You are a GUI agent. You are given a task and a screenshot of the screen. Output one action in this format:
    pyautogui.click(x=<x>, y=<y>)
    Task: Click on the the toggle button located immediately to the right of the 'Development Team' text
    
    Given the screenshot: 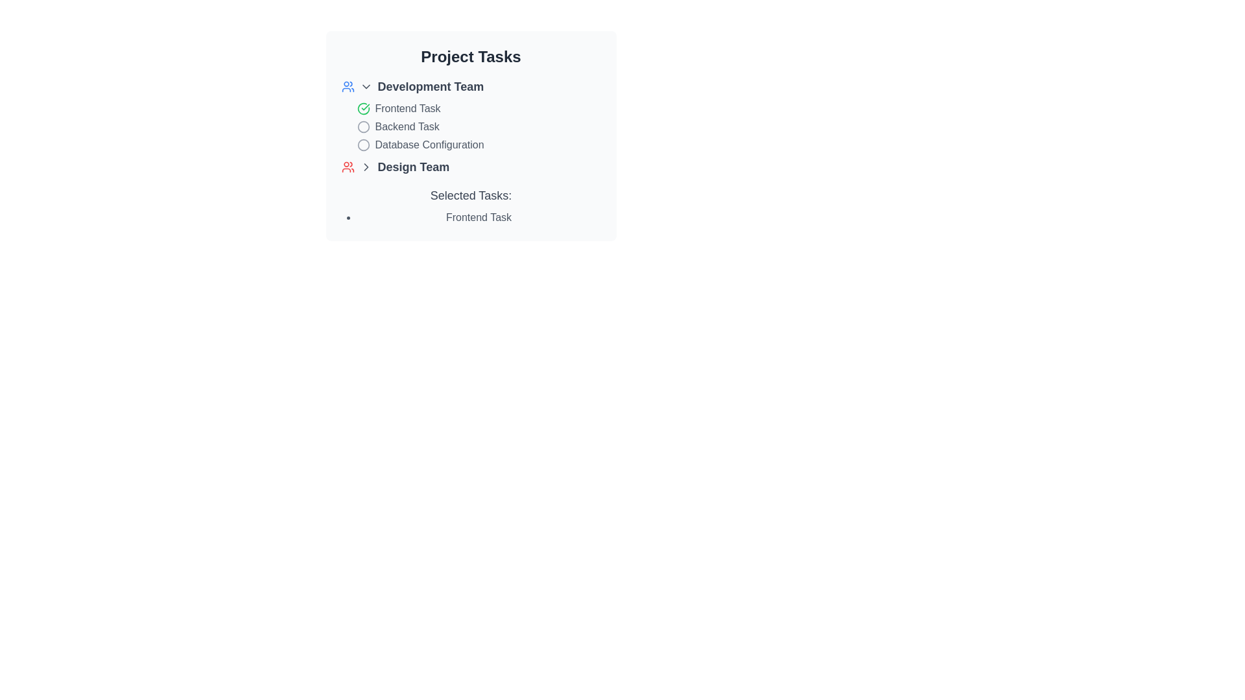 What is the action you would take?
    pyautogui.click(x=365, y=87)
    